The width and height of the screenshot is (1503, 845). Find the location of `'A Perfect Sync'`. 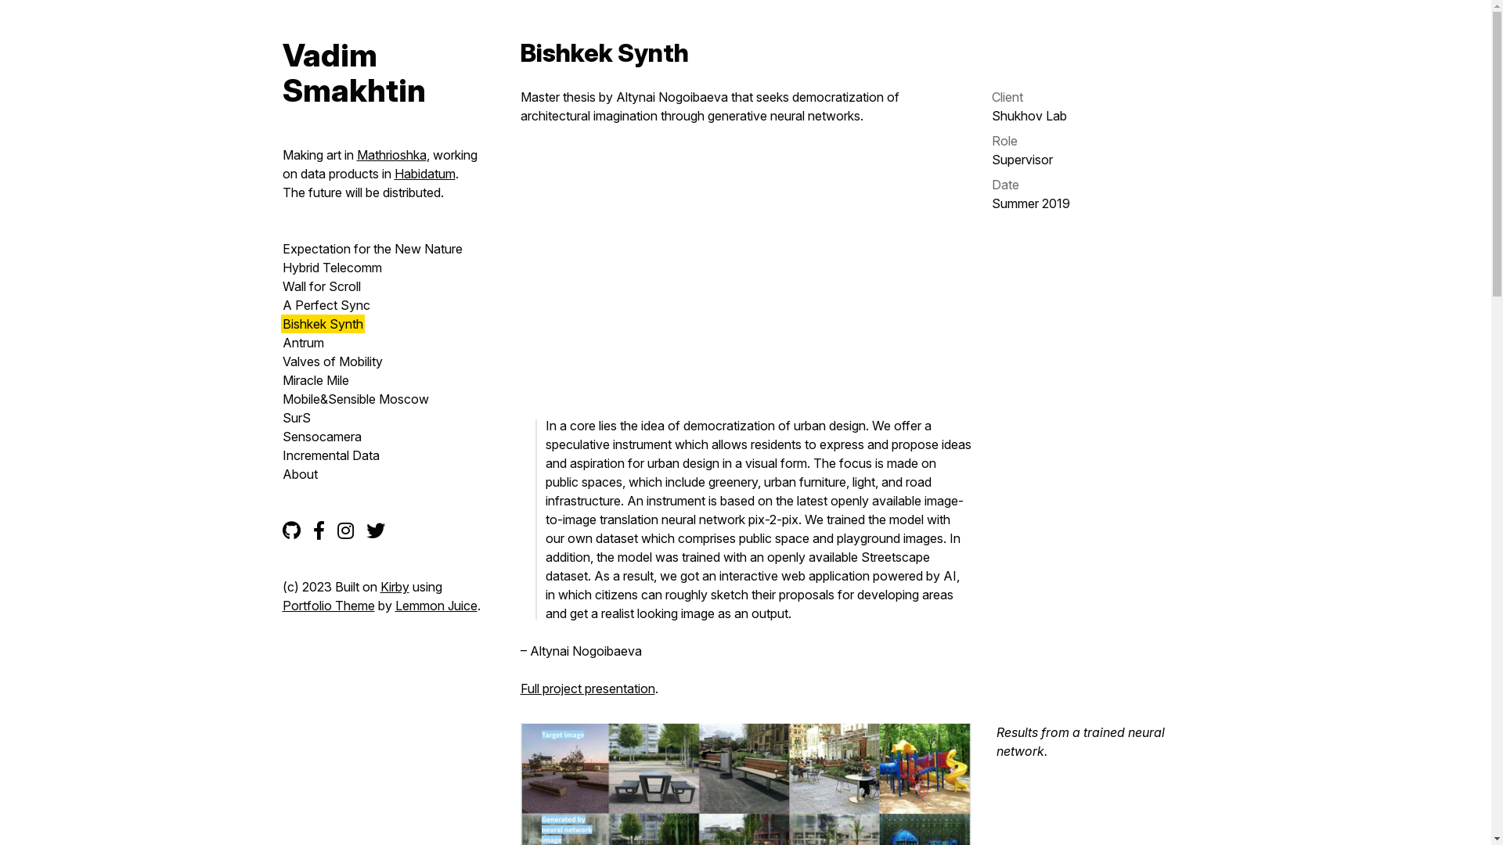

'A Perfect Sync' is located at coordinates (325, 304).